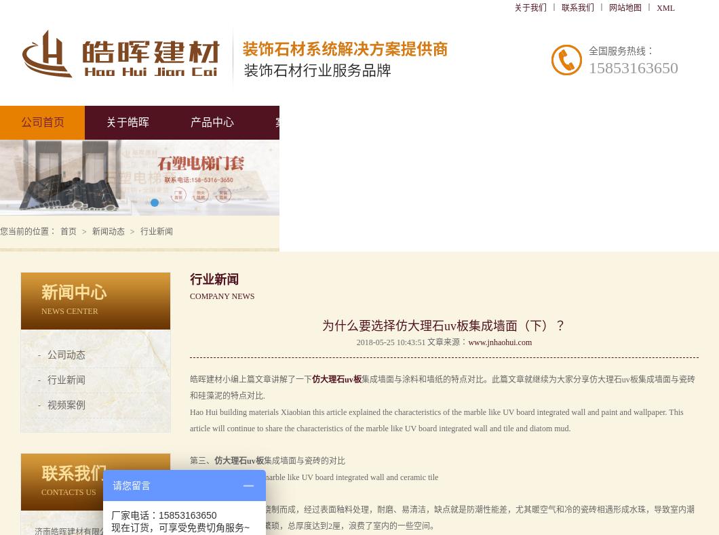 This screenshot has width=719, height=535. What do you see at coordinates (69, 311) in the screenshot?
I see `'NEWS CENTER'` at bounding box center [69, 311].